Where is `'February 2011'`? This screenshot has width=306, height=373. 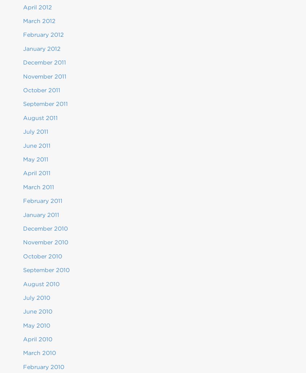
'February 2011' is located at coordinates (42, 200).